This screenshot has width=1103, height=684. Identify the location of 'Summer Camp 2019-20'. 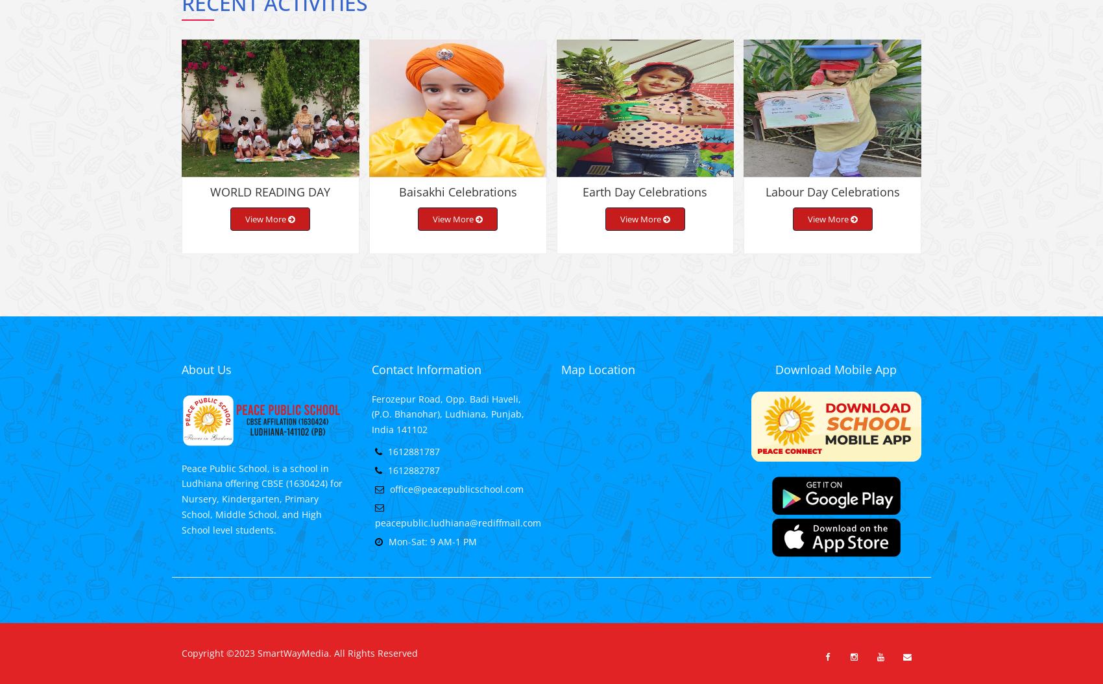
(1019, 201).